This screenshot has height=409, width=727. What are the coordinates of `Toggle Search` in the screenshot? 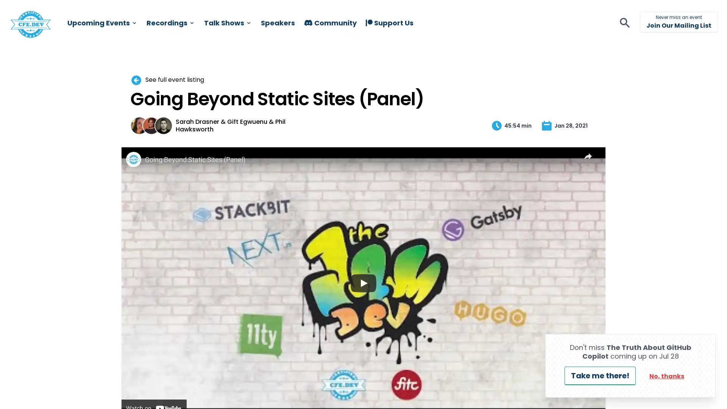 It's located at (625, 24).